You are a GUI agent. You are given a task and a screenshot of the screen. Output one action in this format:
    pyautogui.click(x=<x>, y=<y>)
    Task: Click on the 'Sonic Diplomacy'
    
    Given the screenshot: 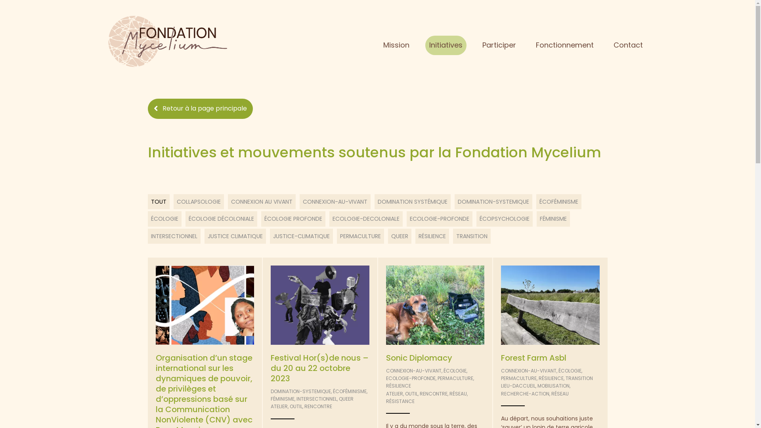 What is the action you would take?
    pyautogui.click(x=419, y=357)
    